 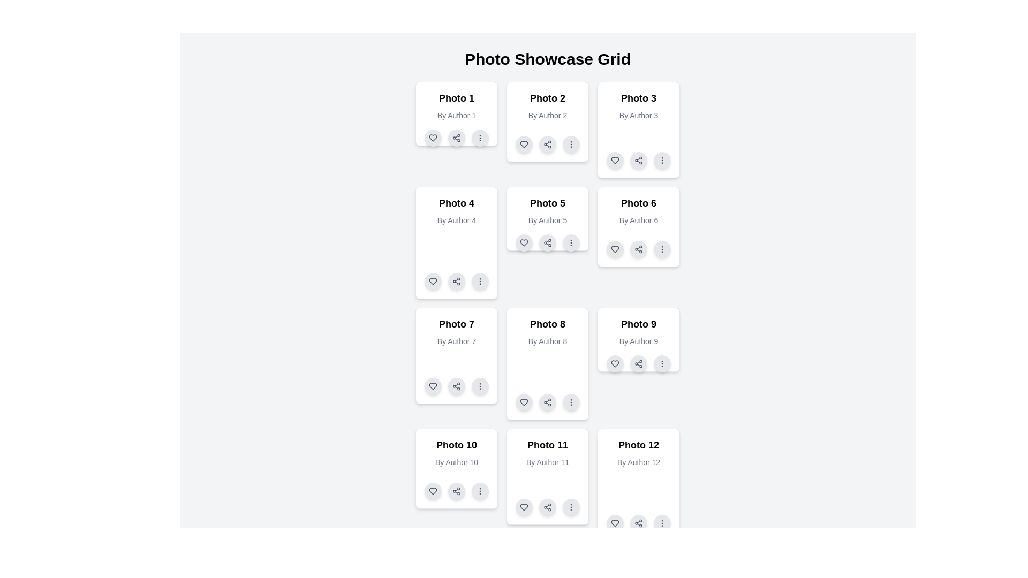 What do you see at coordinates (547, 220) in the screenshot?
I see `the text label displaying 'By Author 5', which is styled with a gray font color and located beneath the heading 'Photo 5' in the card structure` at bounding box center [547, 220].